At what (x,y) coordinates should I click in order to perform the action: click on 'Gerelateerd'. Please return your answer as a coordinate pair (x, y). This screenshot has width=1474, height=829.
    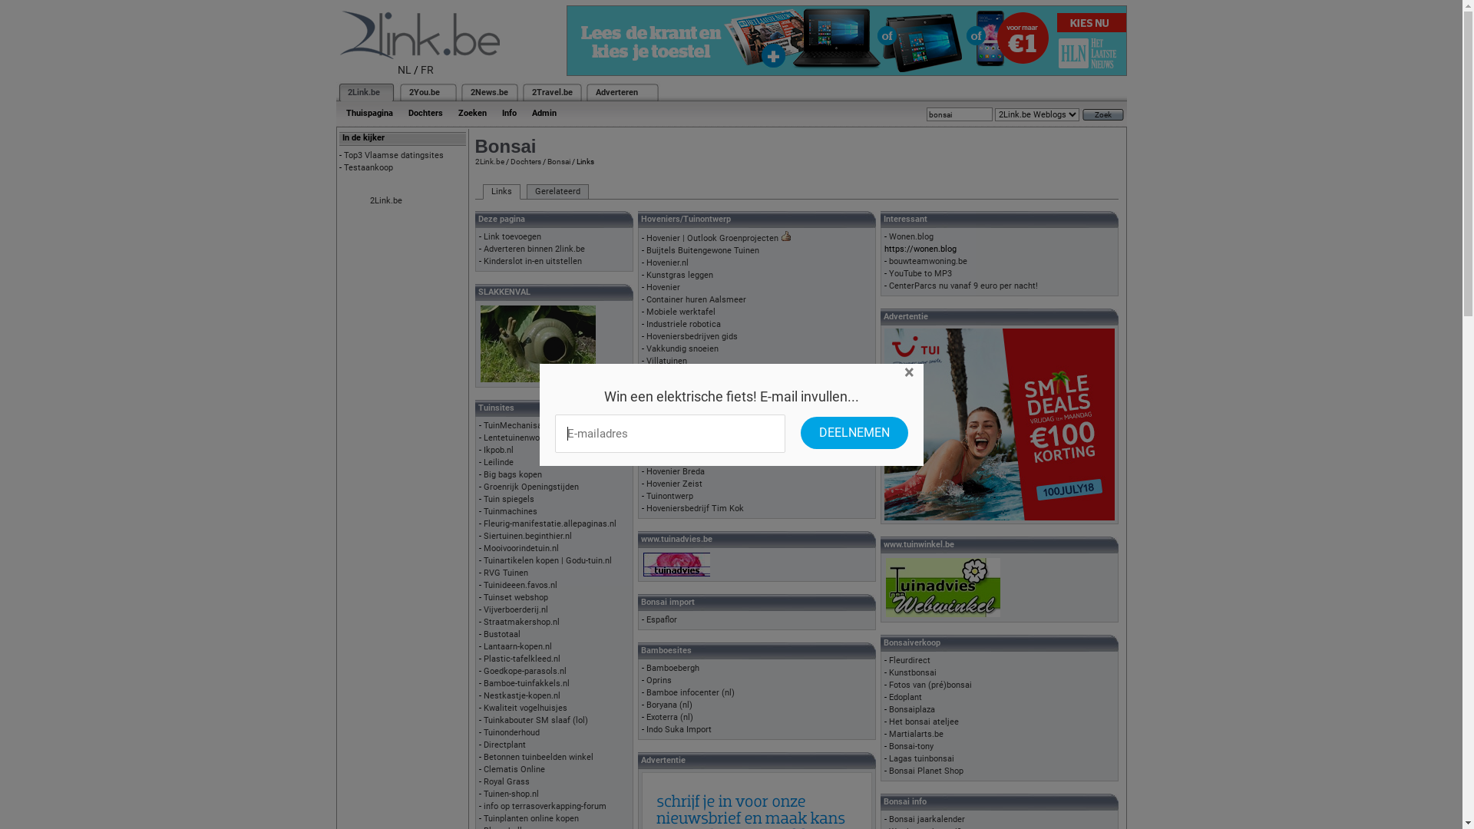
    Looking at the image, I should click on (557, 191).